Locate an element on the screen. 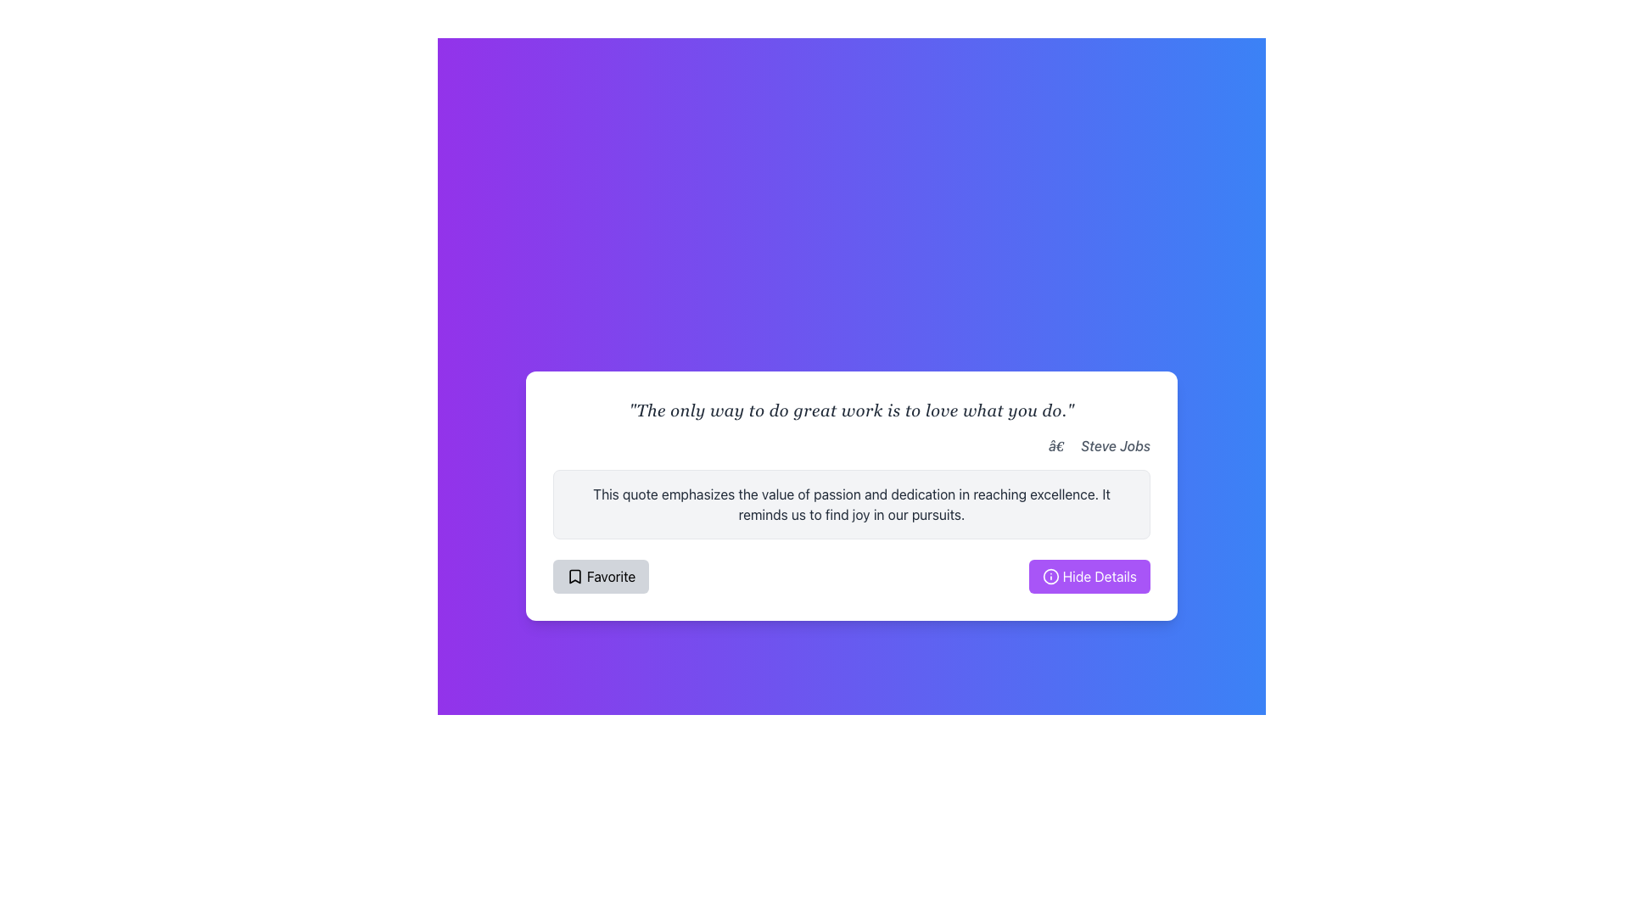  the small dark bookmark icon located within the 'Favorite' button, positioned toward the left side of the button's content area is located at coordinates (574, 575).